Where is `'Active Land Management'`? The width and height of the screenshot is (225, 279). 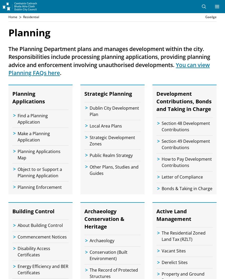
'Active Land Management' is located at coordinates (173, 215).